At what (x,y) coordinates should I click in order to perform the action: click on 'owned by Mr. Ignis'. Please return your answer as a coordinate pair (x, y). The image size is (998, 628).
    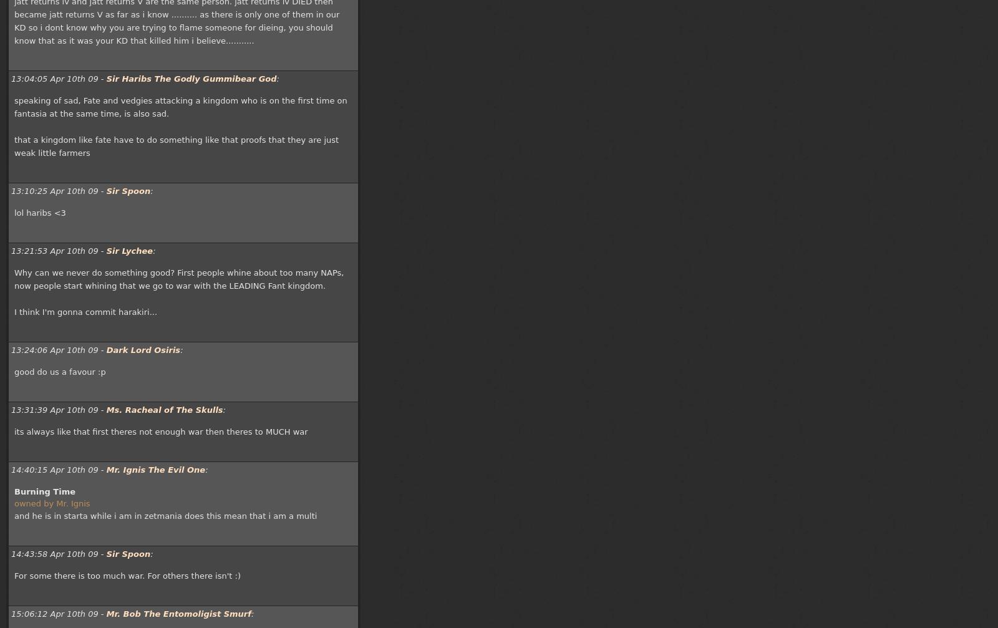
    Looking at the image, I should click on (51, 503).